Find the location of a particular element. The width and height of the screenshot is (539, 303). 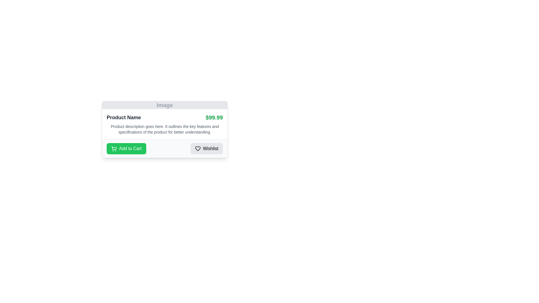

the Text Label associated with the Wishlist functionality, located at the bottom-right corner of the card-like component is located at coordinates (210, 148).